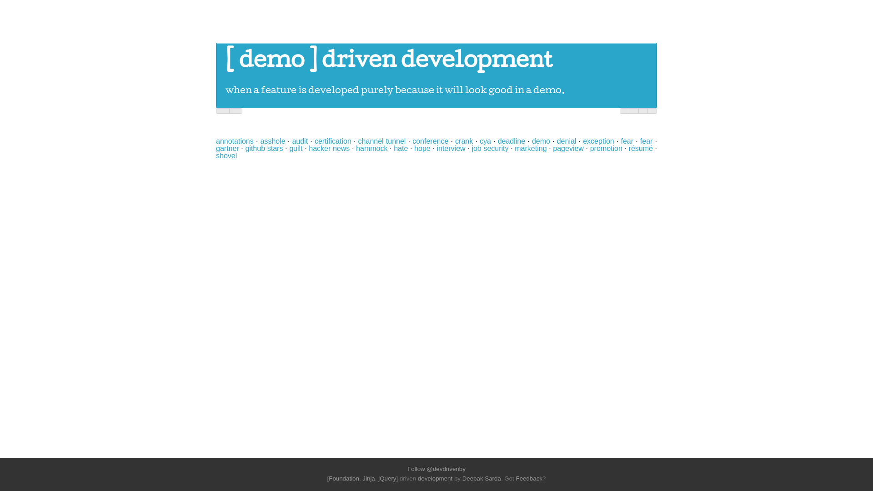 This screenshot has height=491, width=873. I want to click on 'jQuery', so click(378, 478).